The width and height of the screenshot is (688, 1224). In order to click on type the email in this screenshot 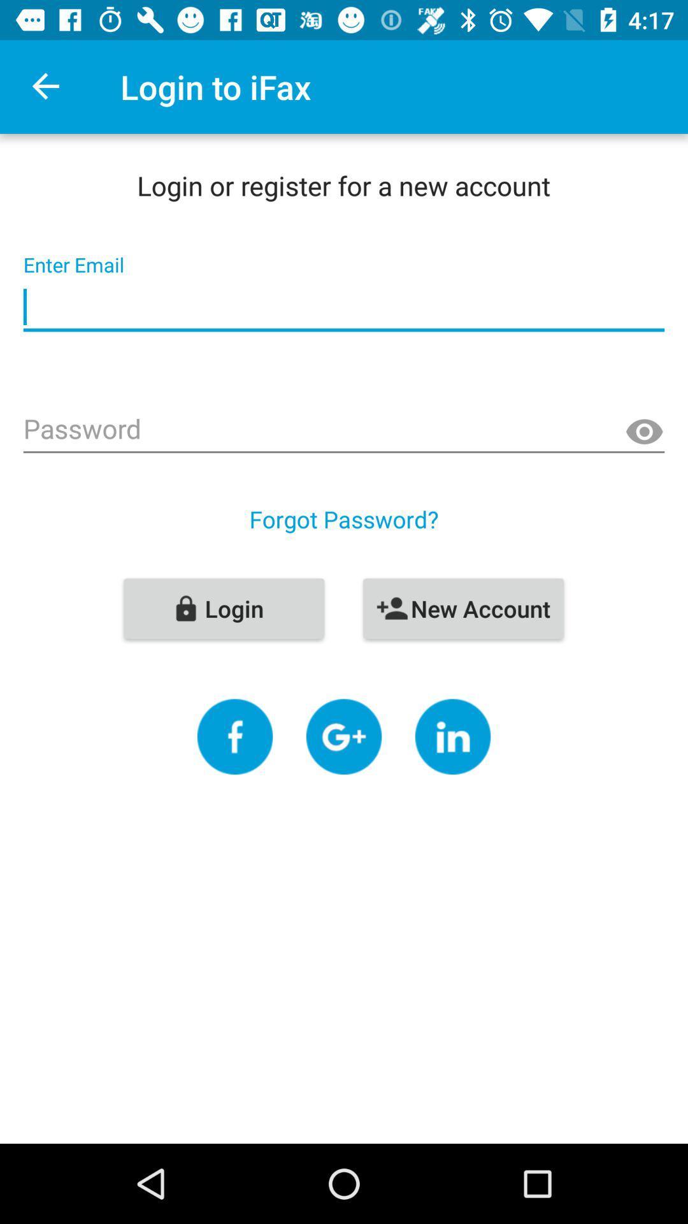, I will do `click(344, 307)`.